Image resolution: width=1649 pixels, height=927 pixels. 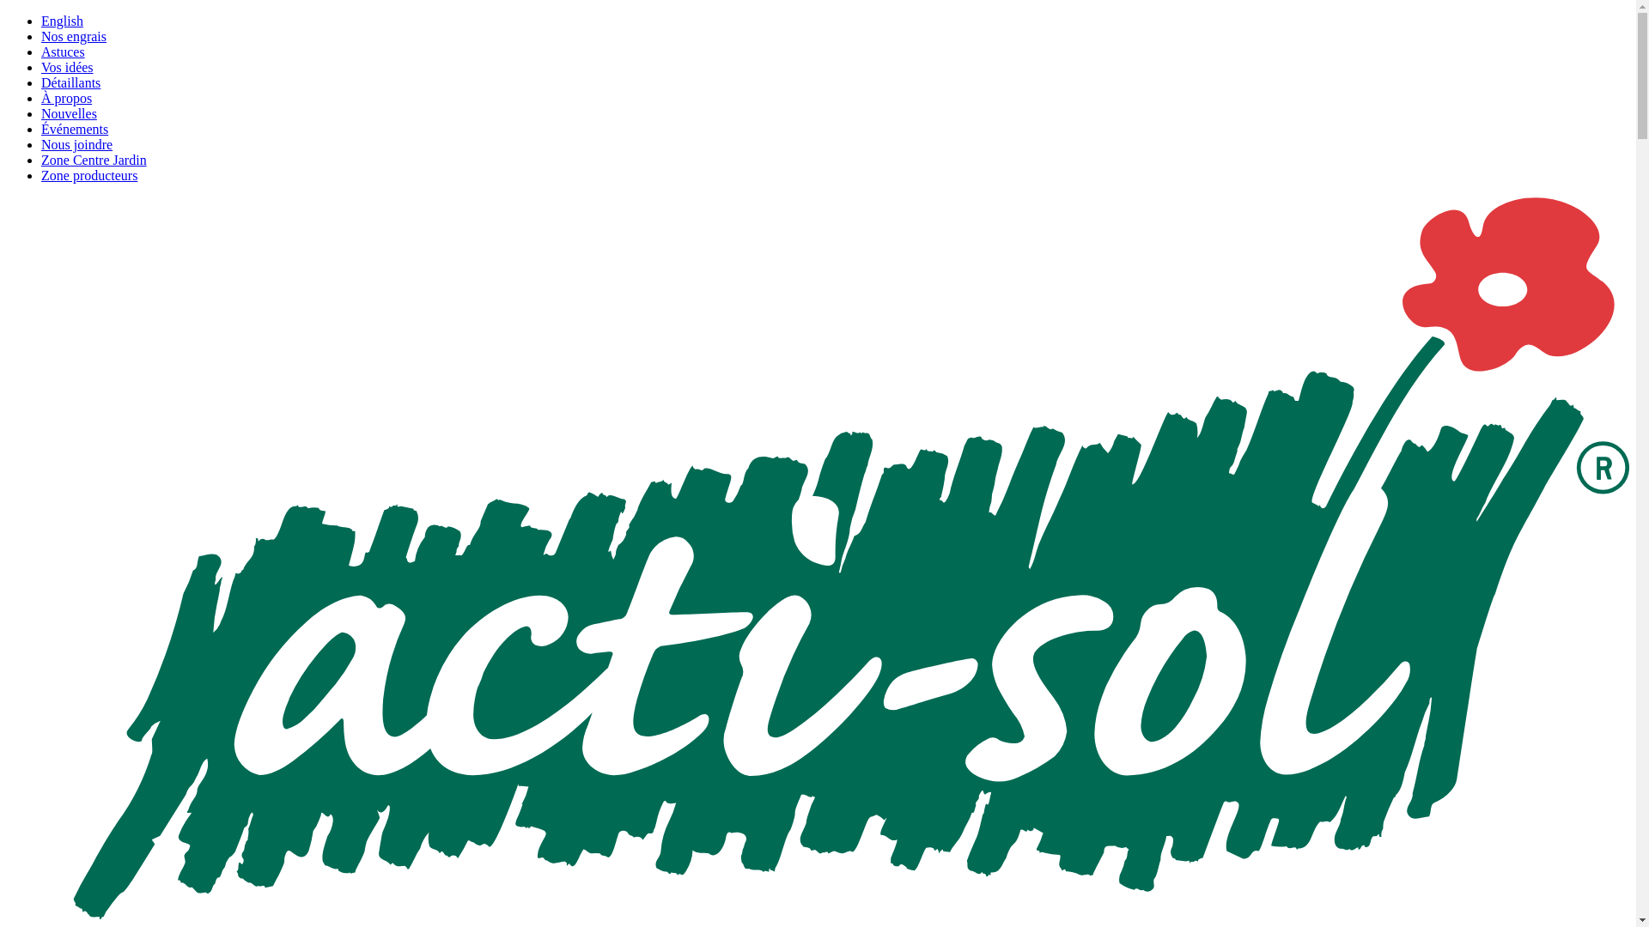 I want to click on 'Zone producteurs', so click(x=41, y=175).